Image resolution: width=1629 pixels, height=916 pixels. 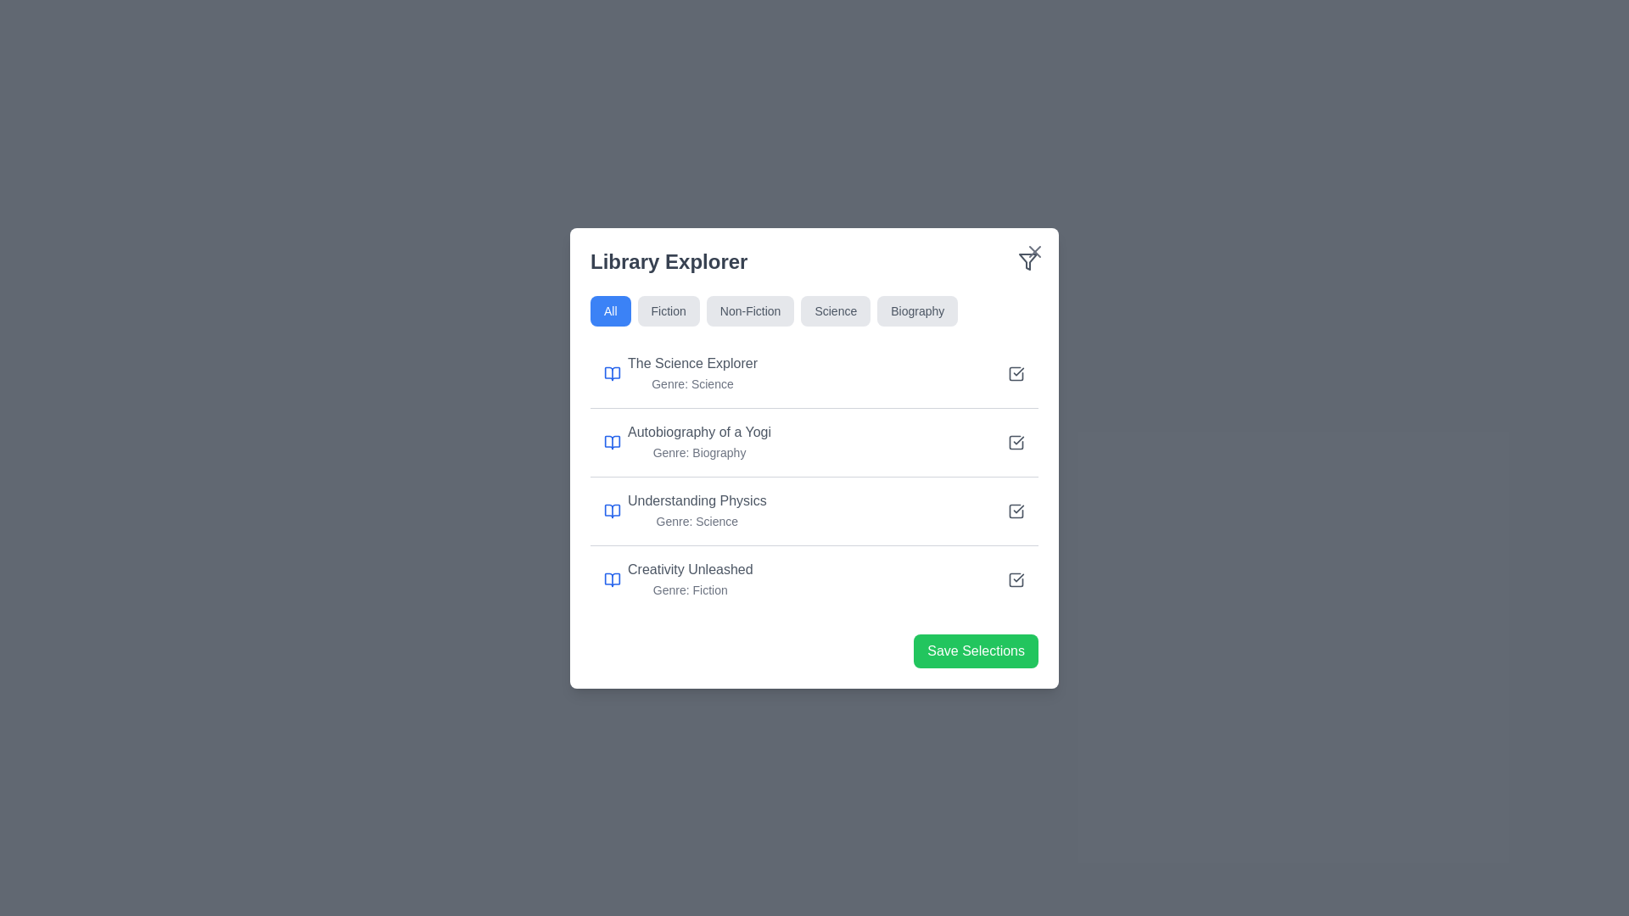 I want to click on the book icon representing 'Understanding Physics', which is the first visual component on the left side of the respective row in the list, so click(x=611, y=510).